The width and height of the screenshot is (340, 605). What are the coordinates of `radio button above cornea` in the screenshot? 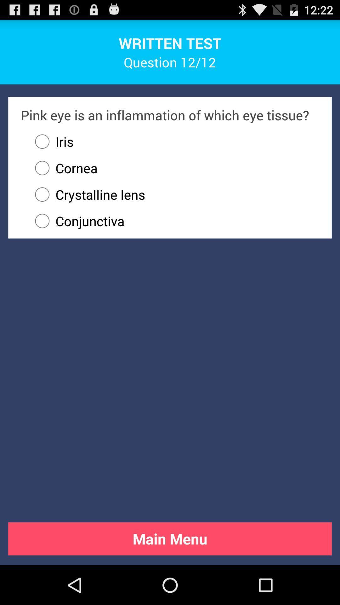 It's located at (51, 141).